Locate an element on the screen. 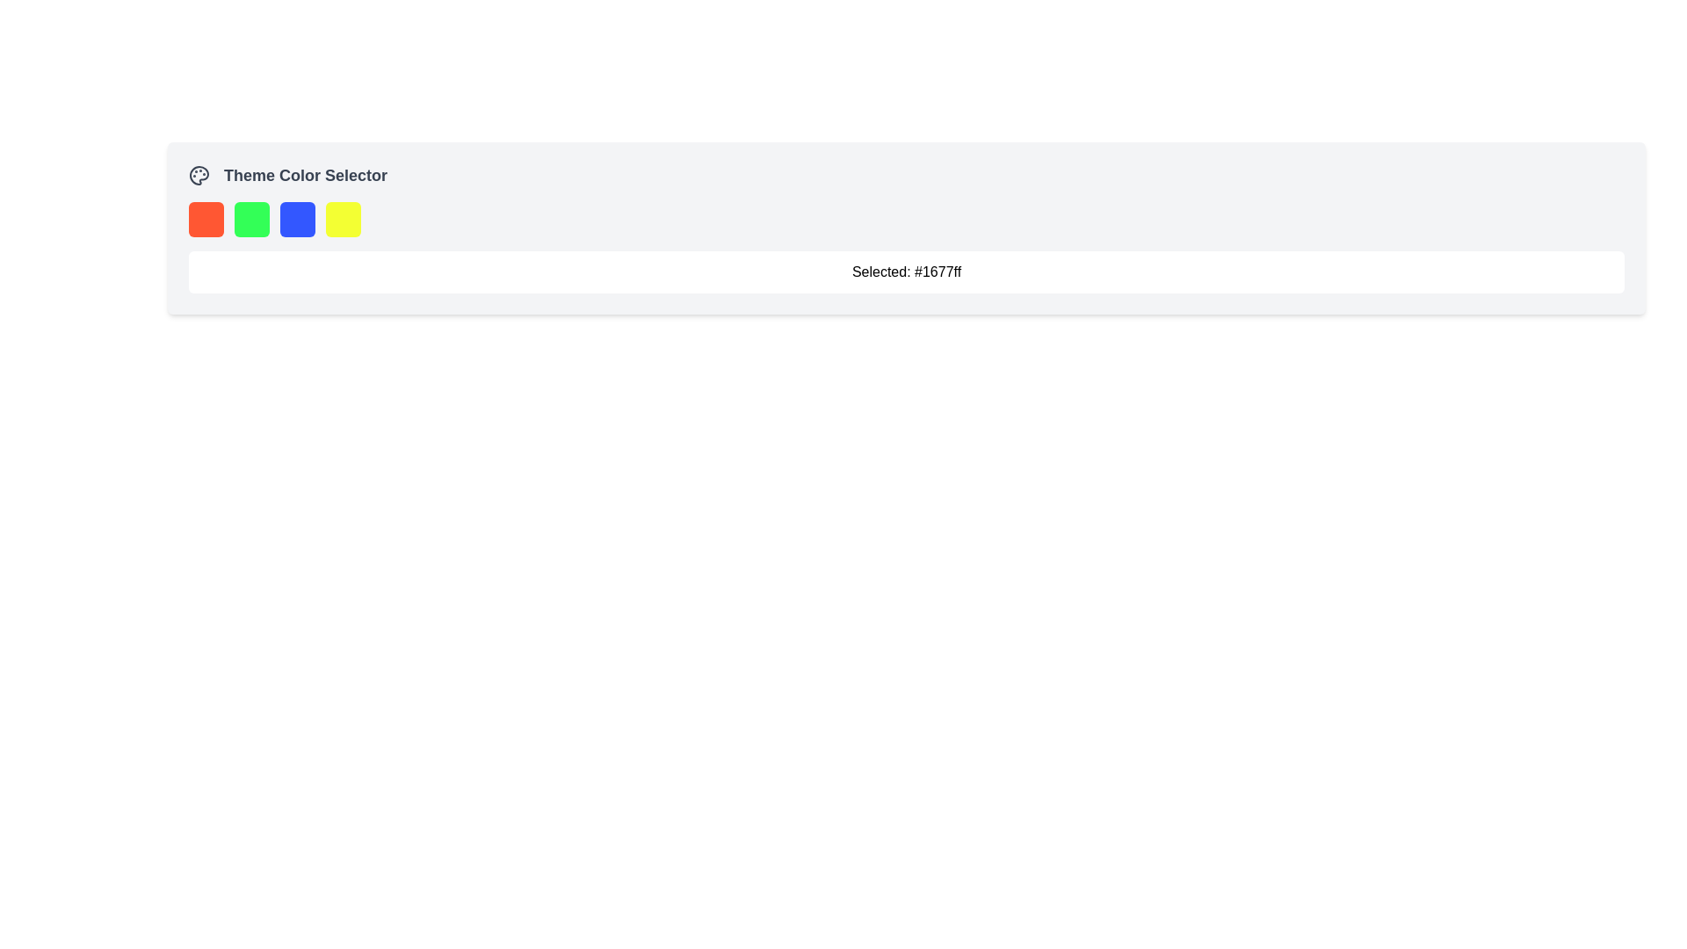  the fourth square button representing the yellow theme color option in the color selection interface is located at coordinates (343, 219).